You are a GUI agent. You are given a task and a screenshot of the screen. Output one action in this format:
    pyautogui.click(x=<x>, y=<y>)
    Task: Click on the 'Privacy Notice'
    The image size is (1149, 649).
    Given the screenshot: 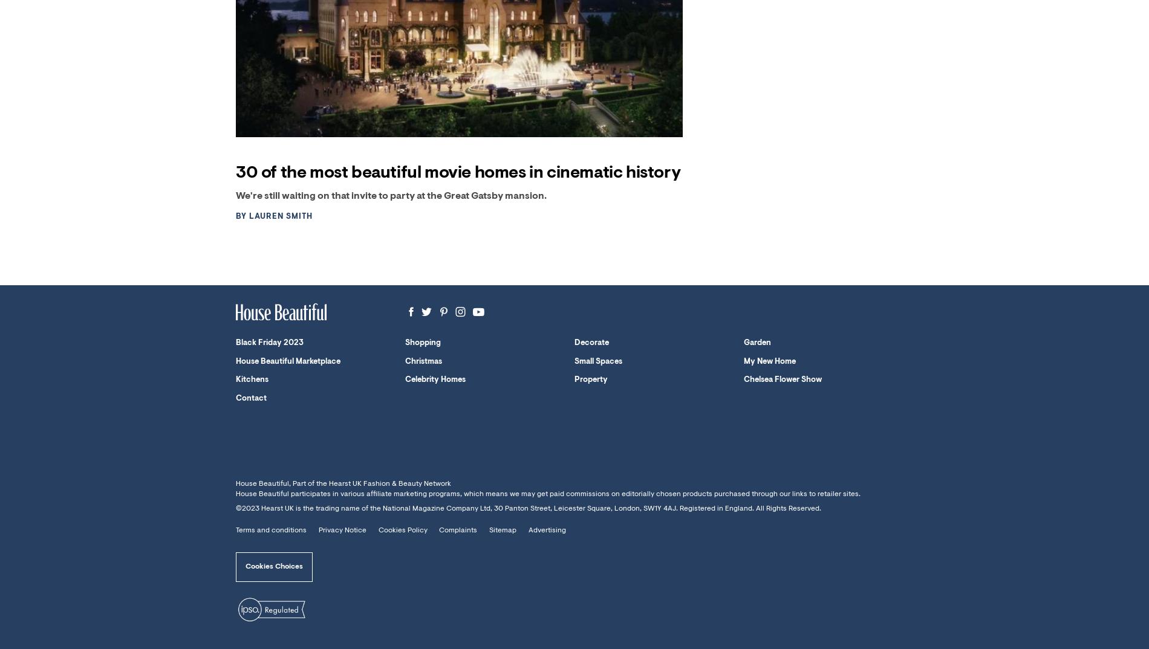 What is the action you would take?
    pyautogui.click(x=317, y=529)
    